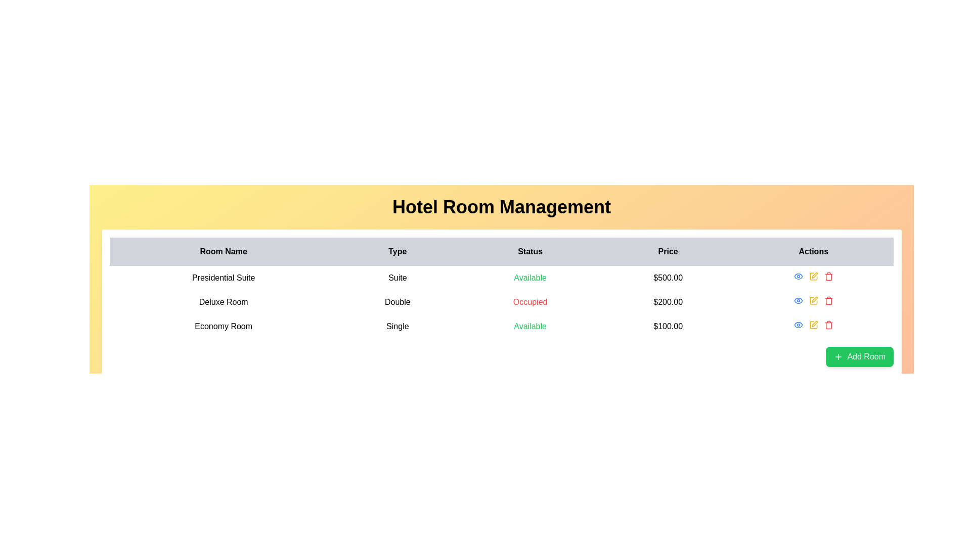 The height and width of the screenshot is (546, 971). What do you see at coordinates (828, 301) in the screenshot?
I see `the red trash icon located under the 'Actions' column, specifically the second icon corresponding to the 'Deluxe Room' row` at bounding box center [828, 301].